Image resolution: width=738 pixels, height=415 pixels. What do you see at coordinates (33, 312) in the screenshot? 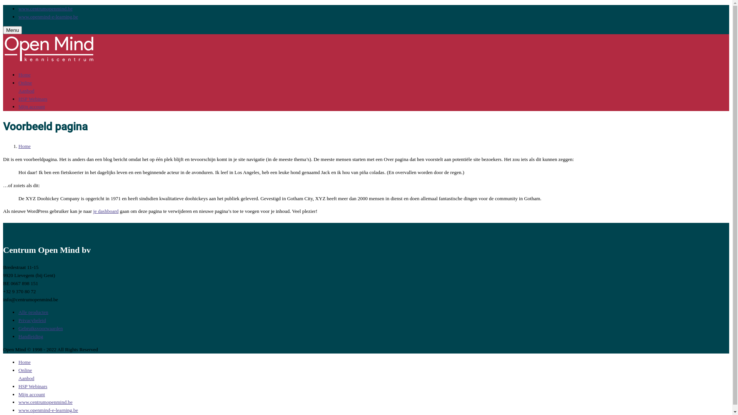
I see `'Alle producten'` at bounding box center [33, 312].